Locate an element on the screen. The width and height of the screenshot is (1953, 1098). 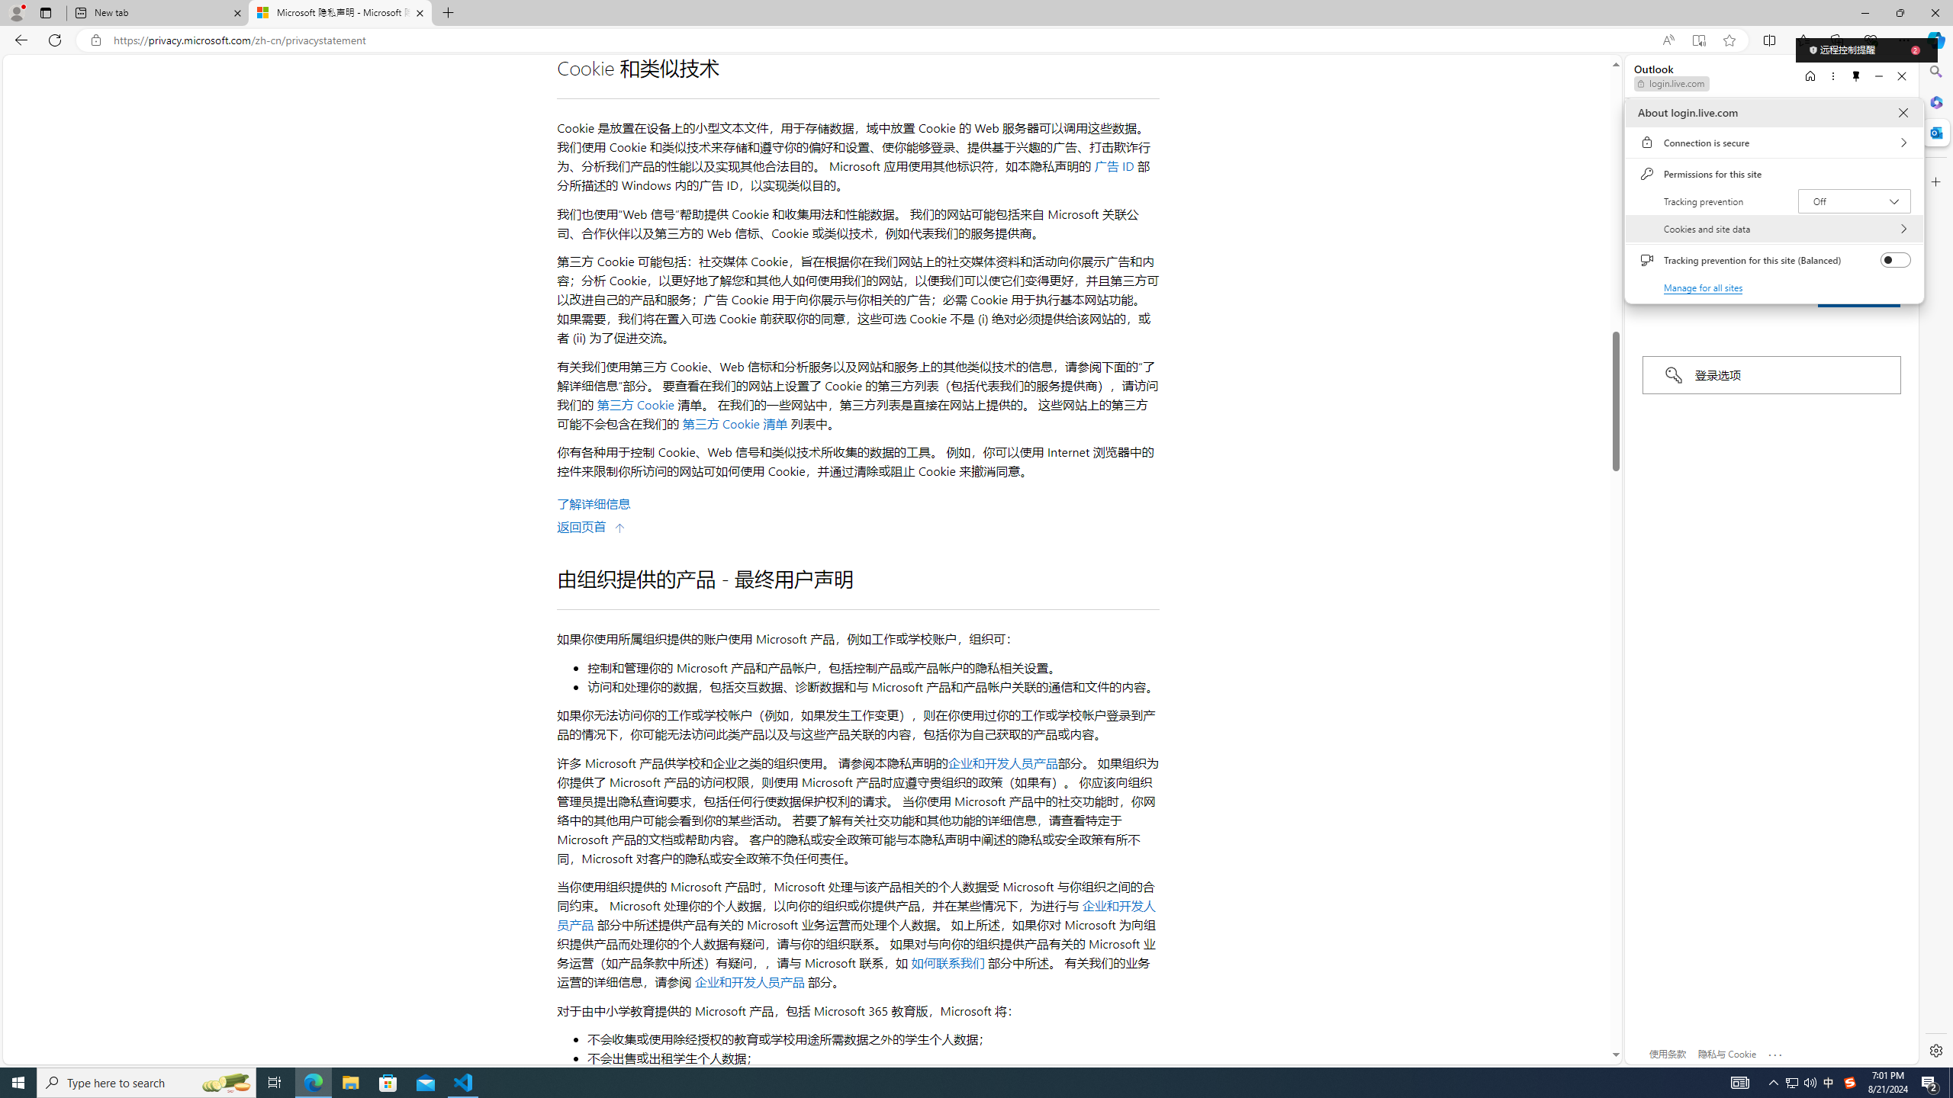
'File Explorer' is located at coordinates (349, 1081).